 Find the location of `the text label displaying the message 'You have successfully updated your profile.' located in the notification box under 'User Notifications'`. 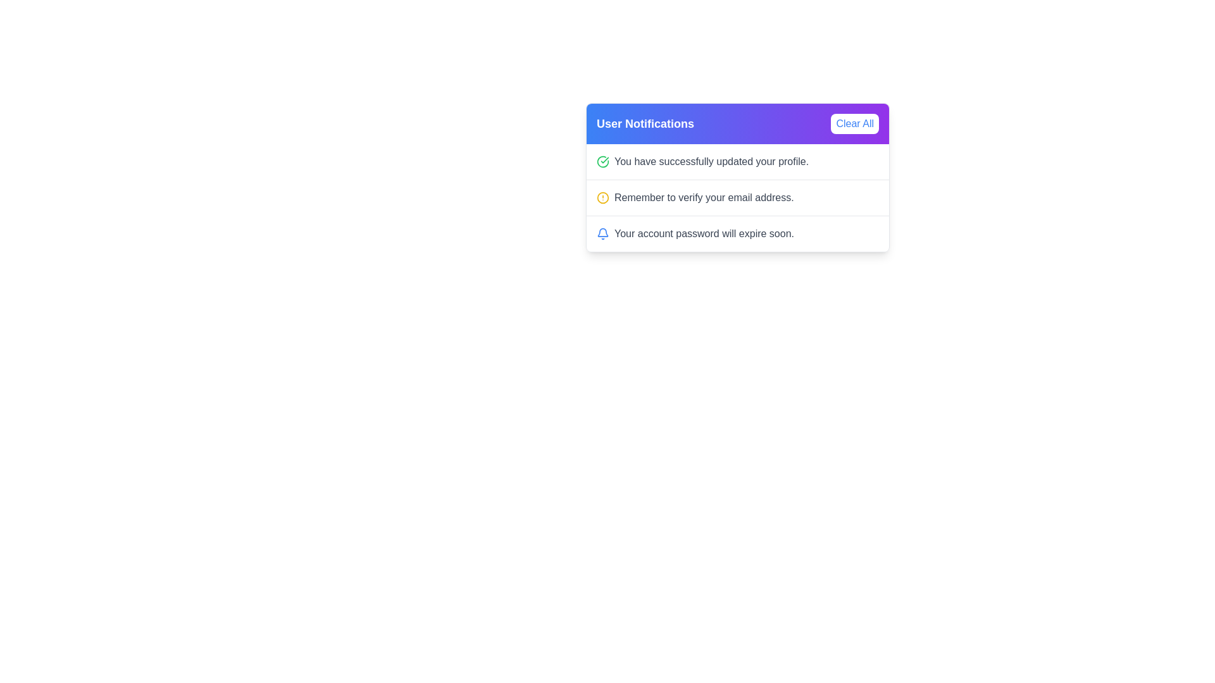

the text label displaying the message 'You have successfully updated your profile.' located in the notification box under 'User Notifications' is located at coordinates (711, 161).